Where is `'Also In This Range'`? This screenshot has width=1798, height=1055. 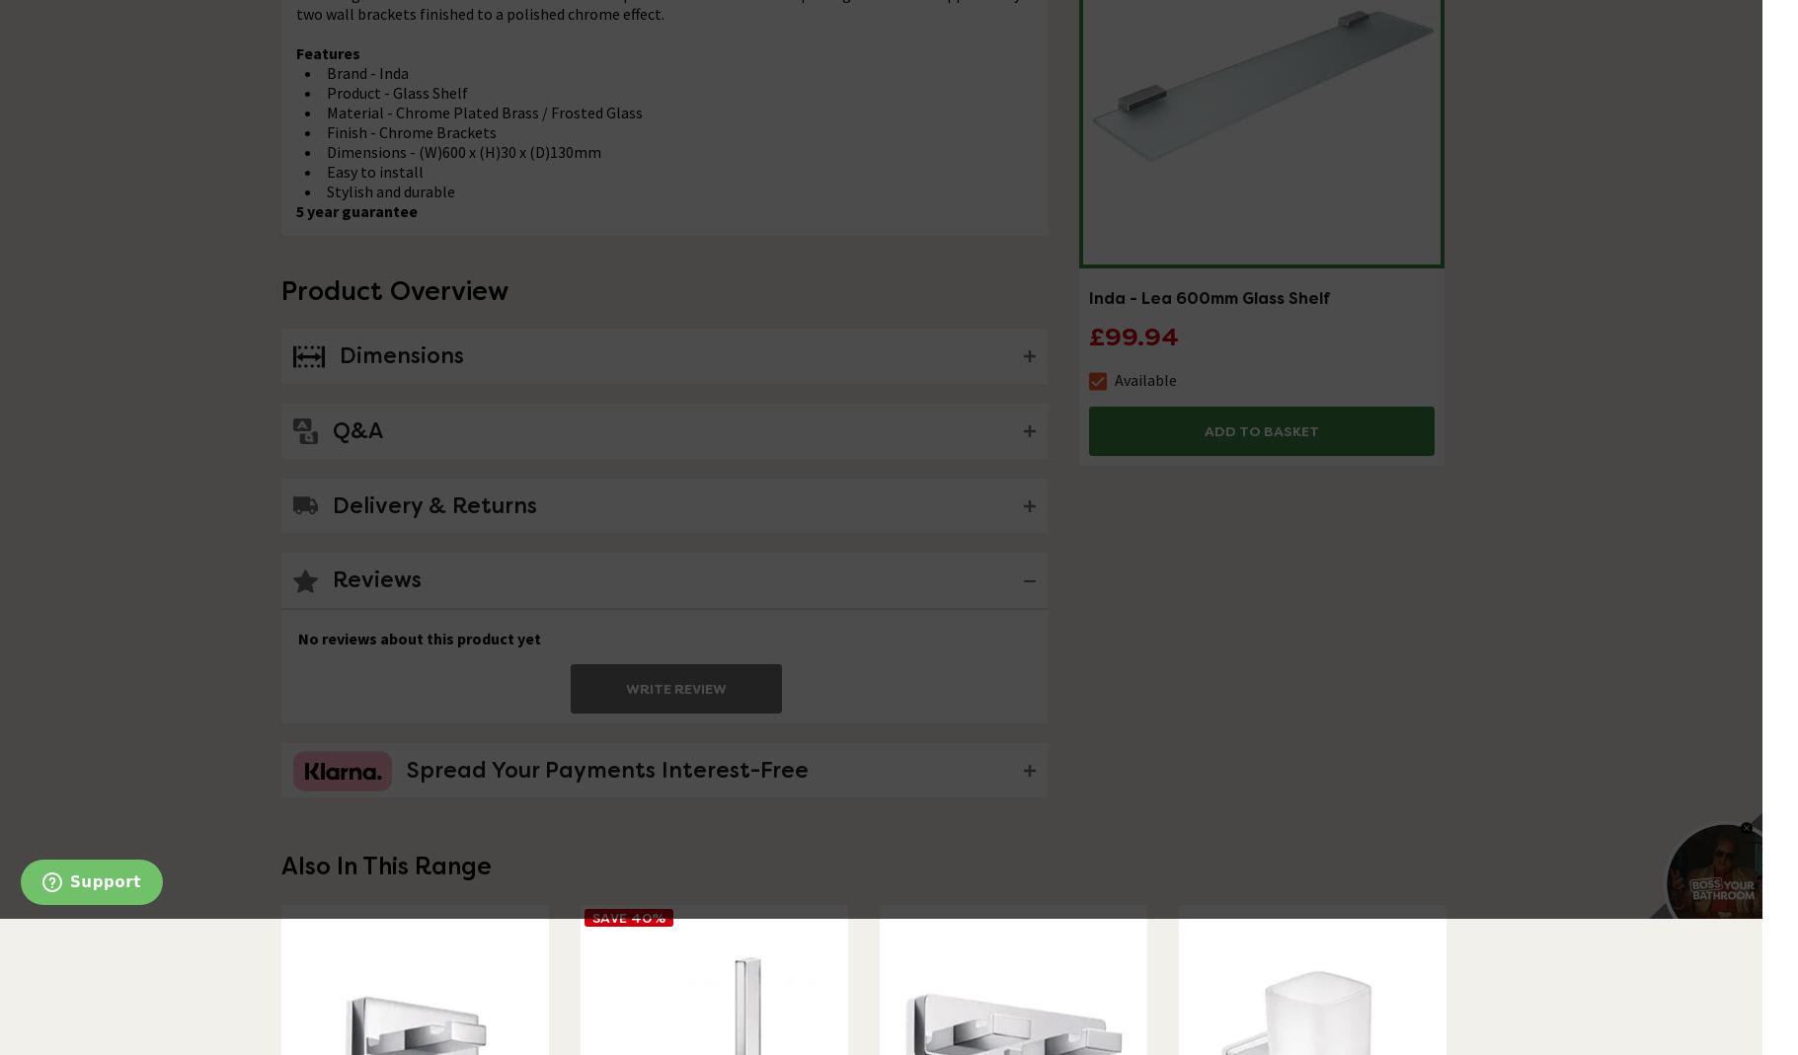 'Also In This Range' is located at coordinates (279, 865).